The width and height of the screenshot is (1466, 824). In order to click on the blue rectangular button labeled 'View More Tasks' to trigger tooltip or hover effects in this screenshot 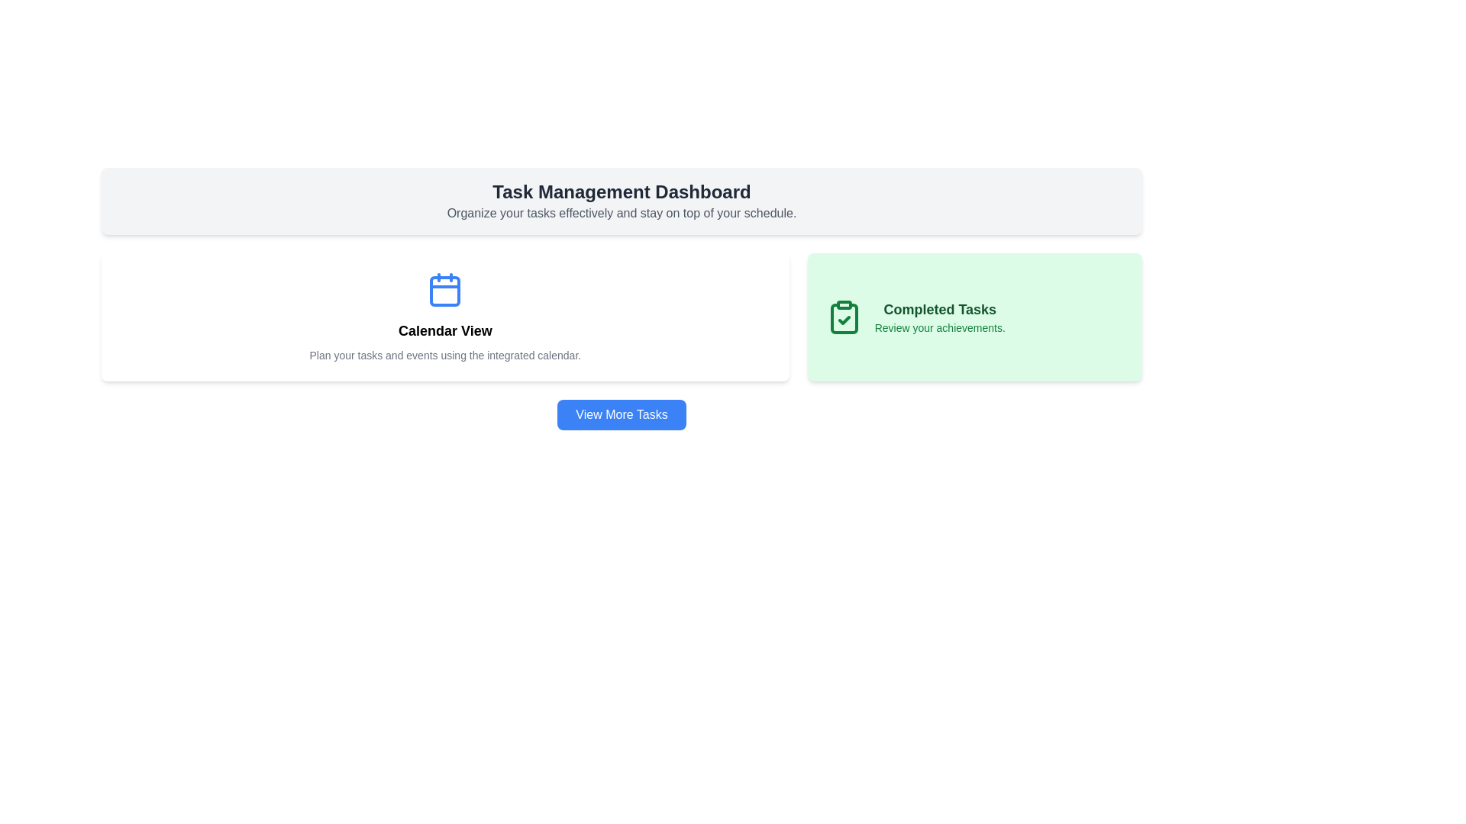, I will do `click(622, 414)`.